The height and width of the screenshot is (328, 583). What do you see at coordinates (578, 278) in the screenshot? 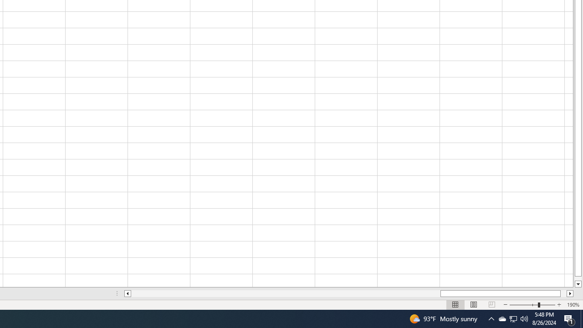
I see `'Page down'` at bounding box center [578, 278].